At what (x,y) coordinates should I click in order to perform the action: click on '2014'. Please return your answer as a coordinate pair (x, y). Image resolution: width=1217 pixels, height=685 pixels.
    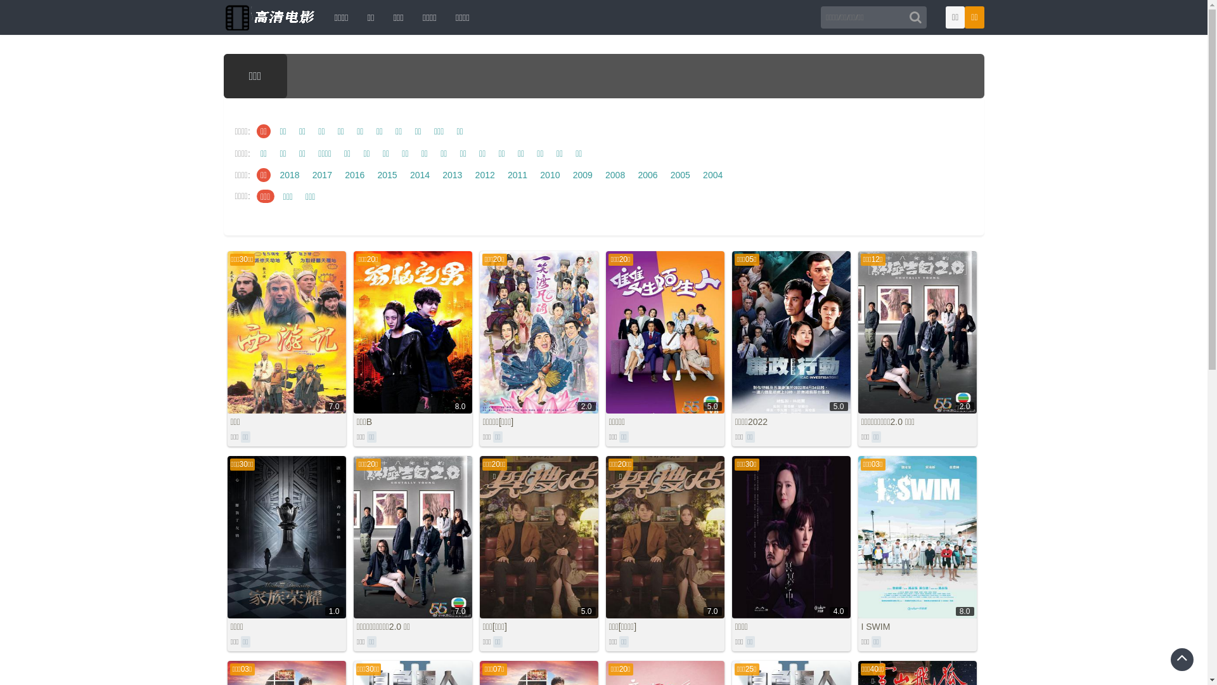
    Looking at the image, I should click on (420, 175).